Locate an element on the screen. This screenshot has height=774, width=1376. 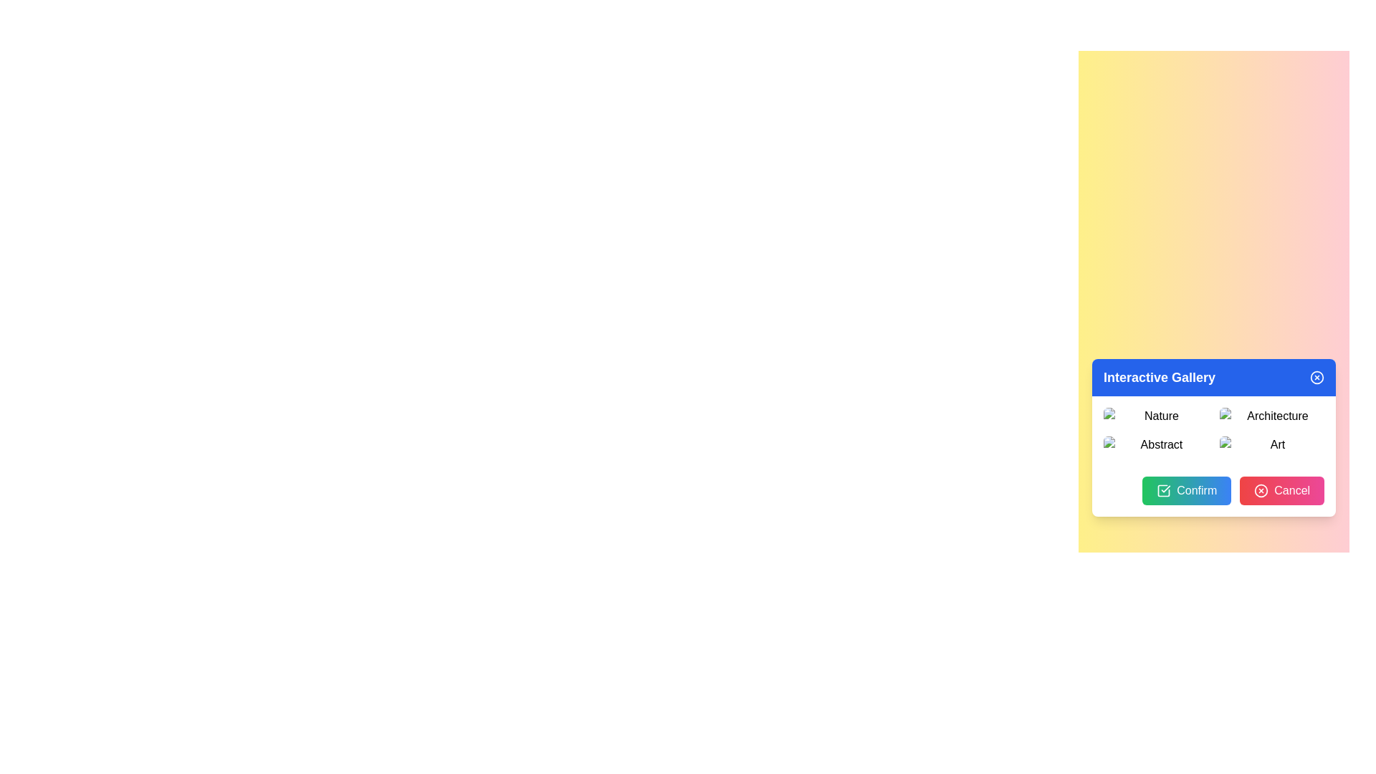
on the selectable item labeled 'Nature' that contains a thumbnail image and a bold white text label, positioned at the top-left corner of the 'Interactive Gallery' is located at coordinates (1155, 416).